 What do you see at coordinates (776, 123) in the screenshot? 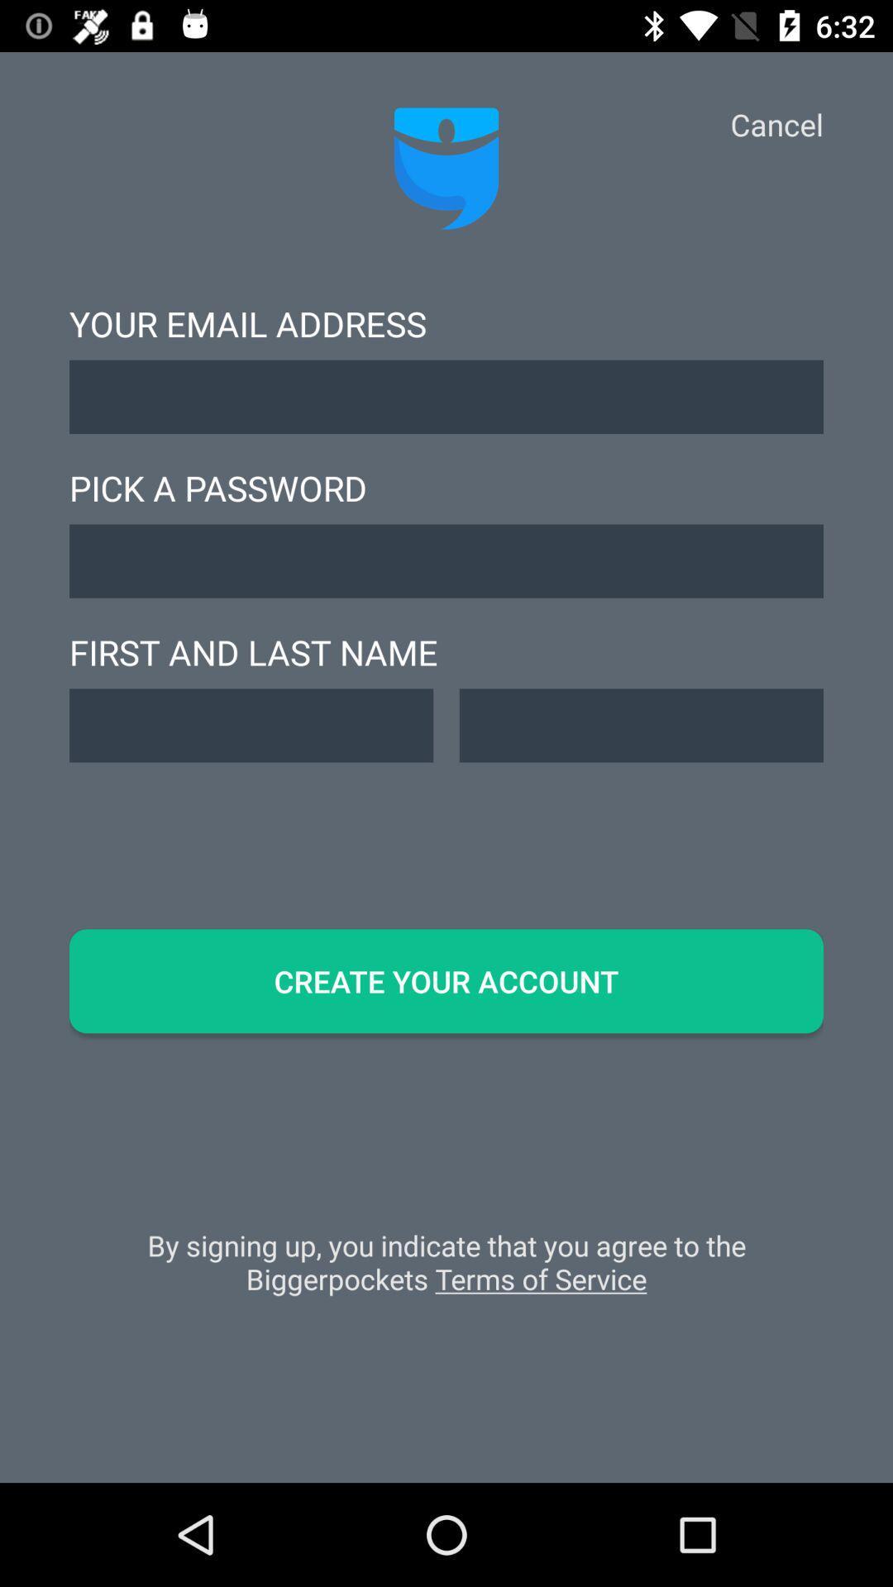
I see `icon at the top right corner` at bounding box center [776, 123].